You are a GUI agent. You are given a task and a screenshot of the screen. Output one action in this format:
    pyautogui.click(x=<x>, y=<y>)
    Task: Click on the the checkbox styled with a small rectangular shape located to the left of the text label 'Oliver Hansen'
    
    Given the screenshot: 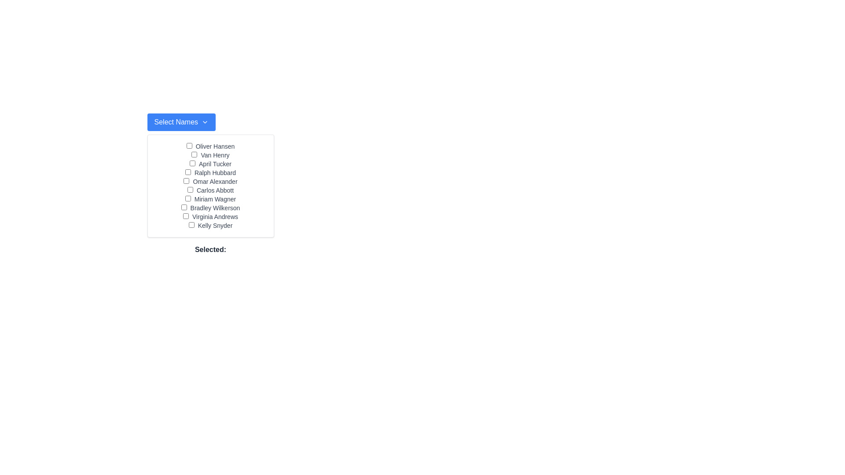 What is the action you would take?
    pyautogui.click(x=189, y=145)
    